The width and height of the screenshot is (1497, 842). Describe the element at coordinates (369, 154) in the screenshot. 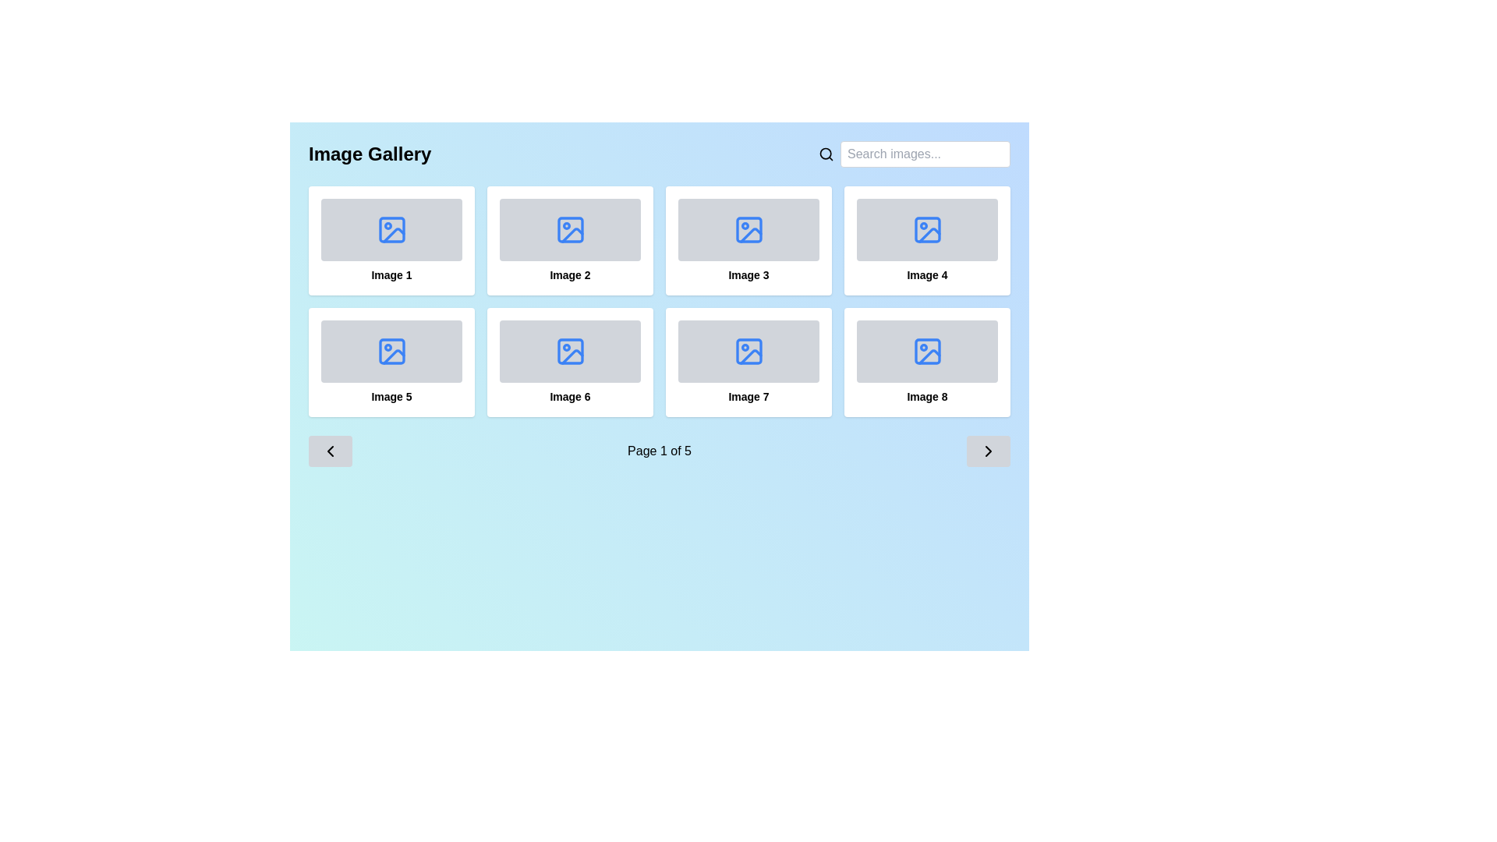

I see `the prominent heading styled with a bold and large font size displaying the text 'Image Gallery', located at the top left of the interface against a light blue background` at that location.